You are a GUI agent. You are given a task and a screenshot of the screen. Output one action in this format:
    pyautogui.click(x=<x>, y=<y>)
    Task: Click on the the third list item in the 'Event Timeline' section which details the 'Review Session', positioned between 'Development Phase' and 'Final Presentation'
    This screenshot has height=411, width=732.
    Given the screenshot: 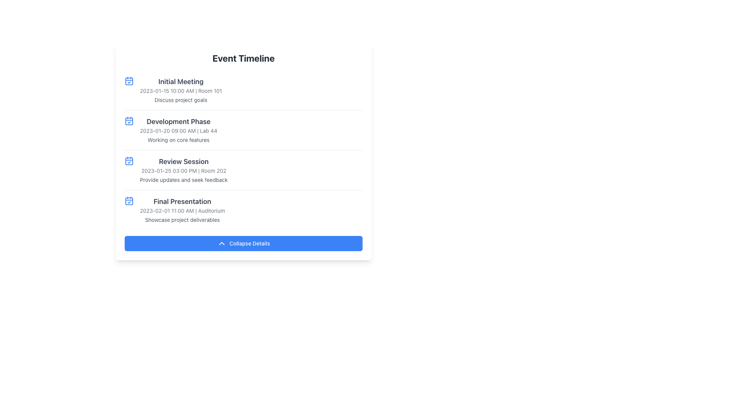 What is the action you would take?
    pyautogui.click(x=243, y=169)
    